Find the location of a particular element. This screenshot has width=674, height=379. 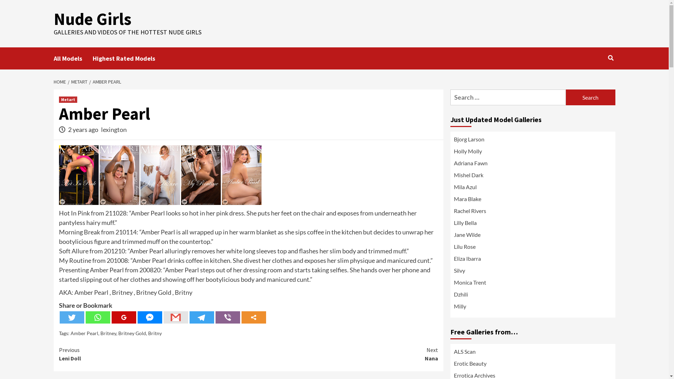

'Search' is located at coordinates (610, 58).